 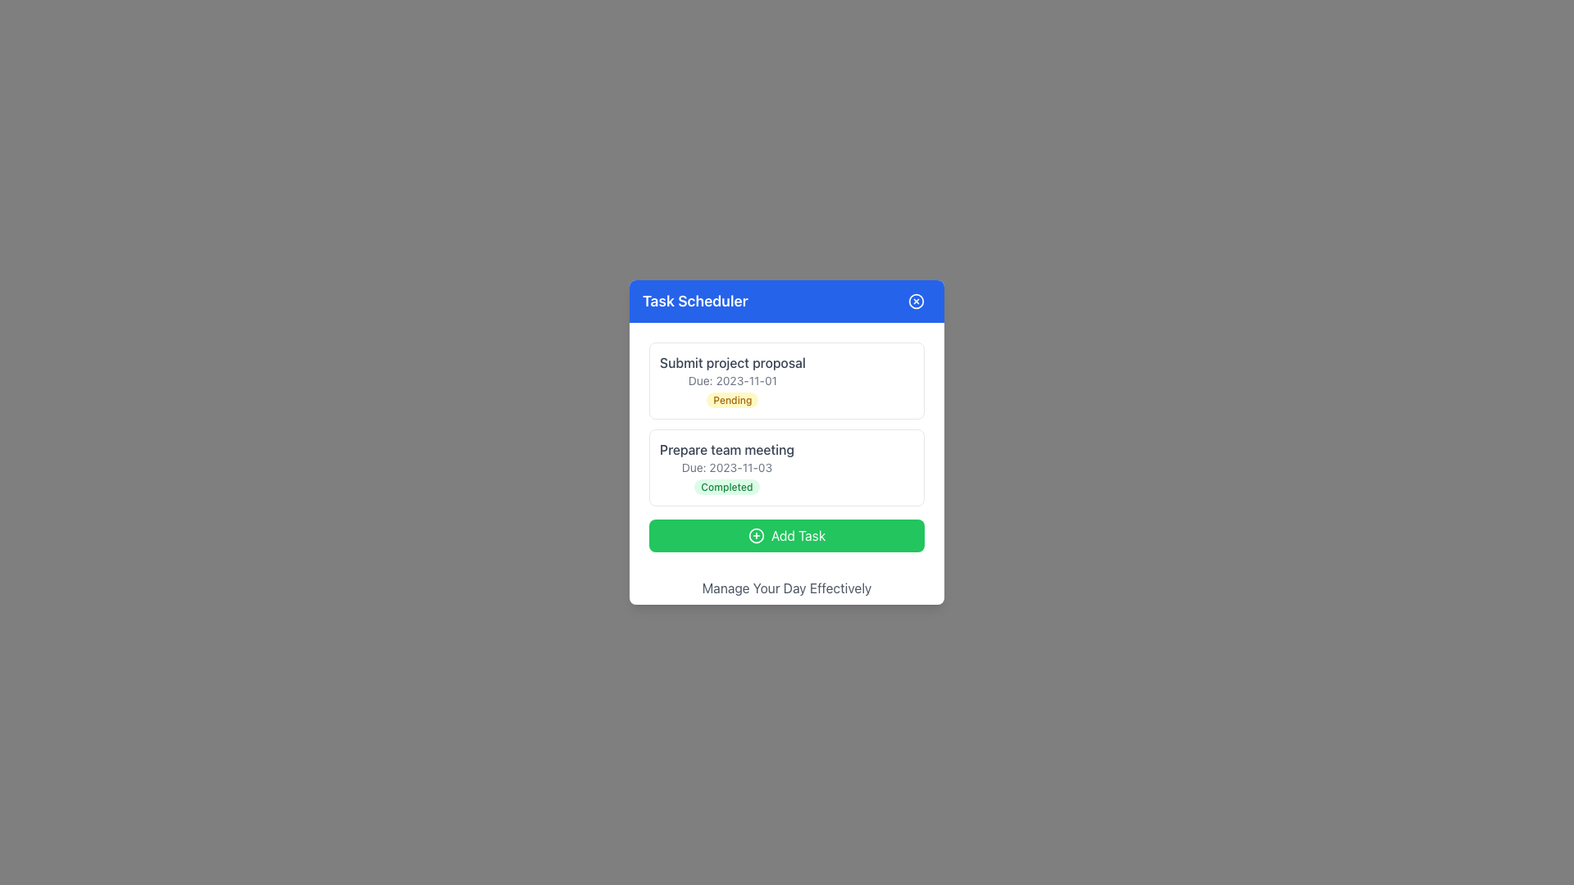 I want to click on the circular close button with a cross icon located at the top-right corner of the 'Task Scheduler' header, so click(x=916, y=301).